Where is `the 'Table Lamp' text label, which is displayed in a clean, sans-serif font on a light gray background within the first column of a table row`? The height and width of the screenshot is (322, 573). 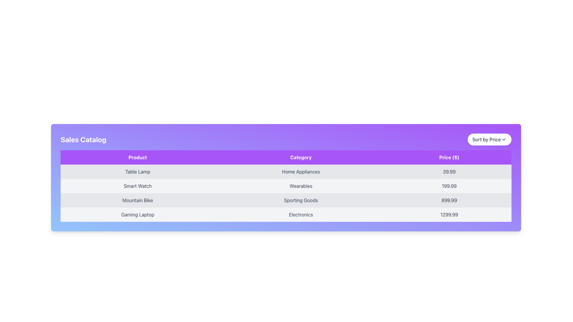 the 'Table Lamp' text label, which is displayed in a clean, sans-serif font on a light gray background within the first column of a table row is located at coordinates (137, 171).